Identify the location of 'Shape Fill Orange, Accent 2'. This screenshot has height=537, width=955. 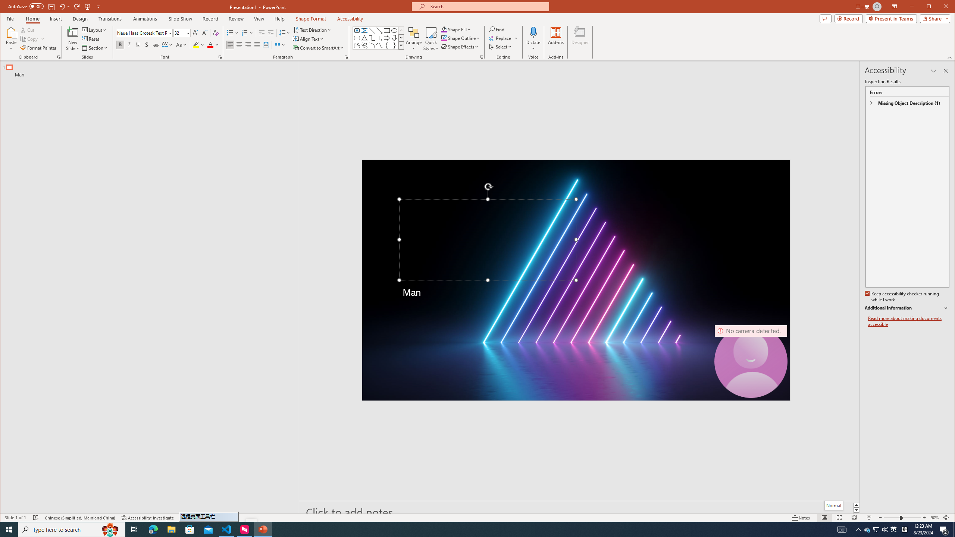
(444, 29).